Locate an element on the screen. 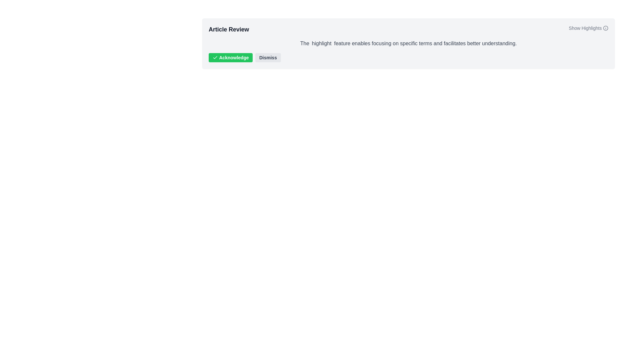  text content block displaying the sentence: 'The highlight feature enables focusing on specific terms and facilitates better understanding.' located below the title 'Article Review' and above the 'Acknowledge' and 'Dismiss' buttons is located at coordinates (408, 43).